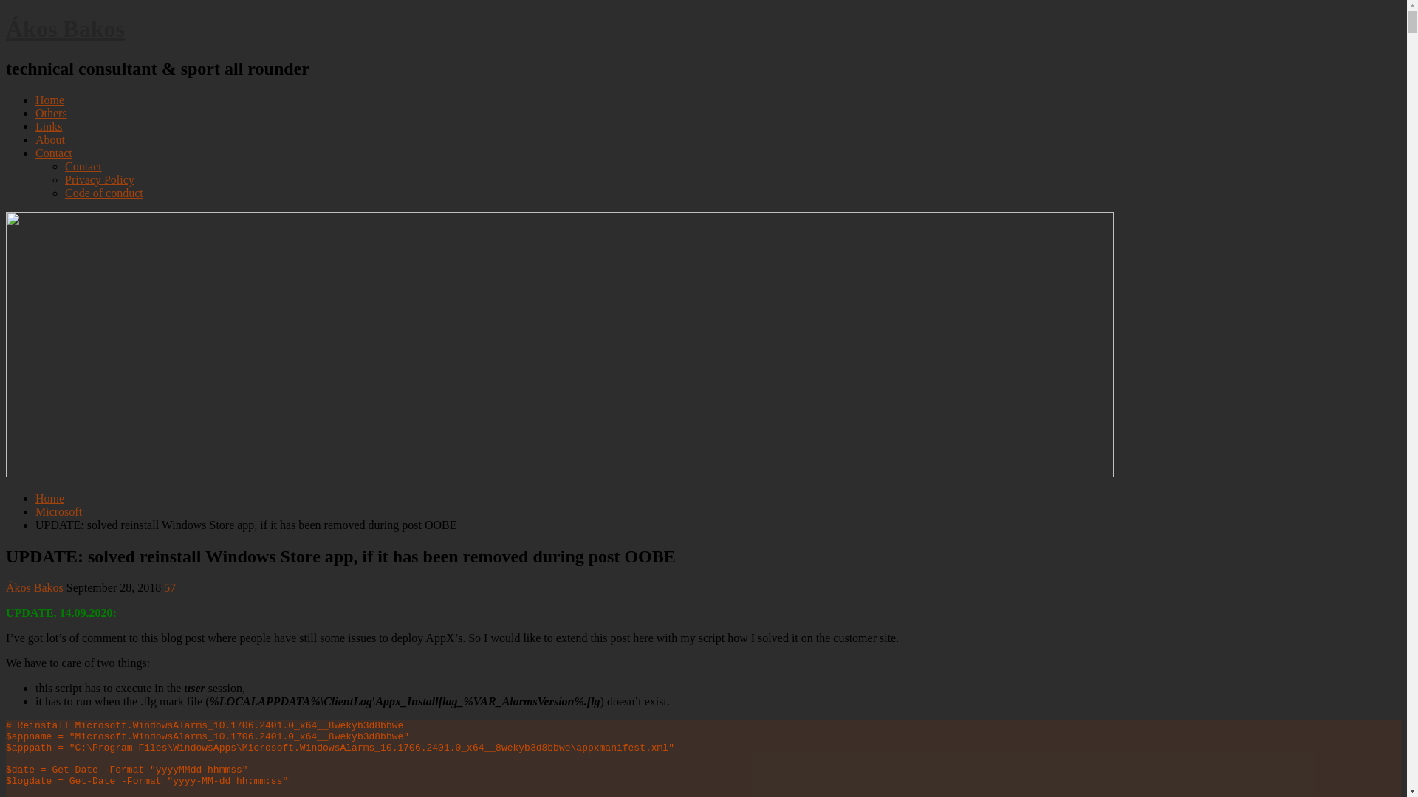 This screenshot has width=1418, height=797. Describe the element at coordinates (49, 100) in the screenshot. I see `'Home'` at that location.